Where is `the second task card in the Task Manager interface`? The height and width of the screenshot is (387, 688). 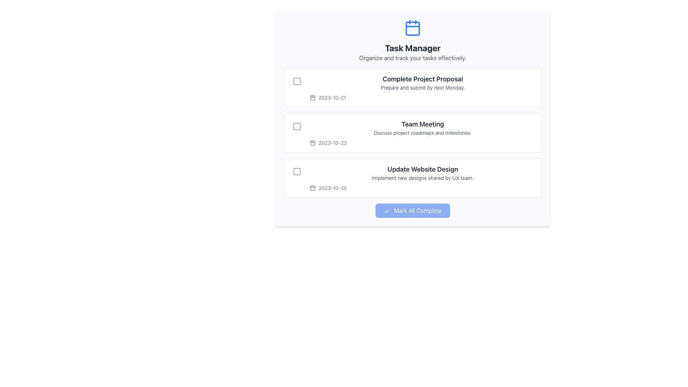 the second task card in the Task Manager interface is located at coordinates (413, 133).